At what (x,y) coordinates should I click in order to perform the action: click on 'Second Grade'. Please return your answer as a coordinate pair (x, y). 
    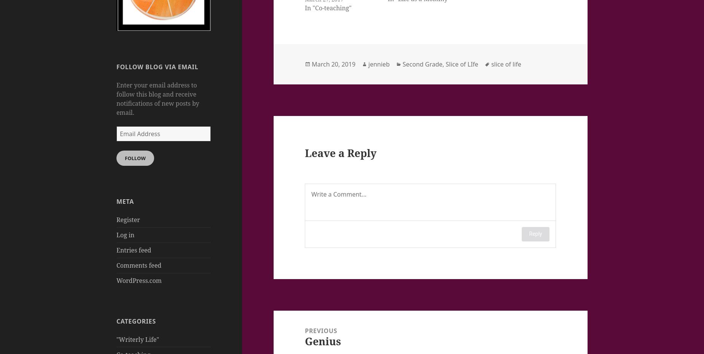
    Looking at the image, I should click on (402, 63).